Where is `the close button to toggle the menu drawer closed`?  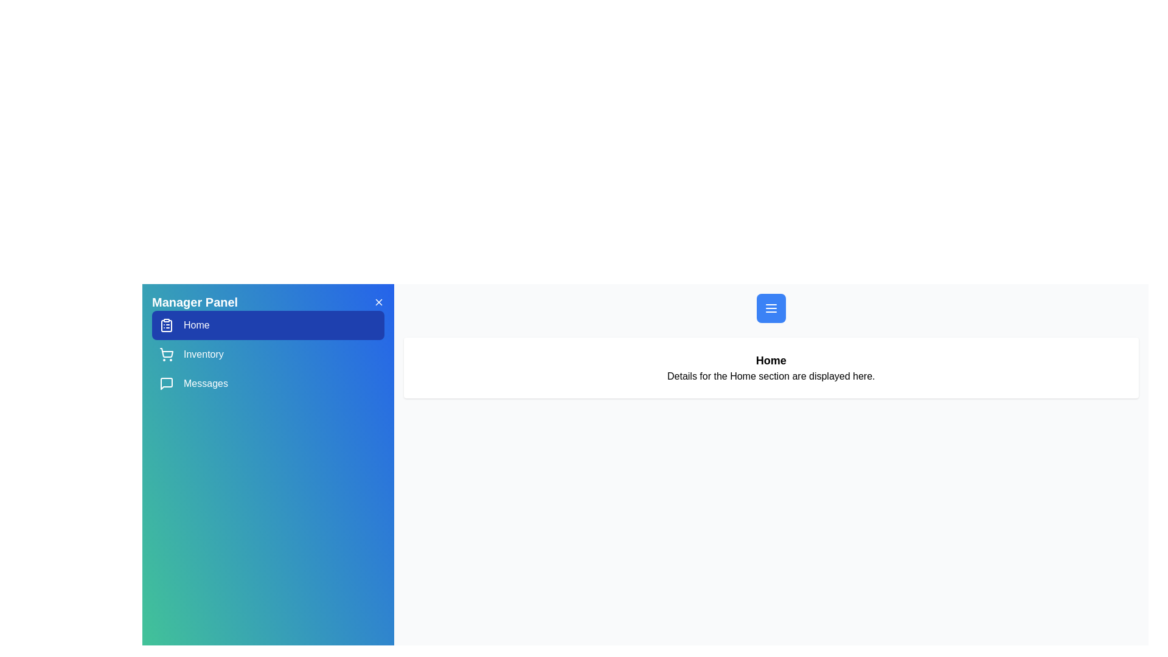
the close button to toggle the menu drawer closed is located at coordinates (378, 302).